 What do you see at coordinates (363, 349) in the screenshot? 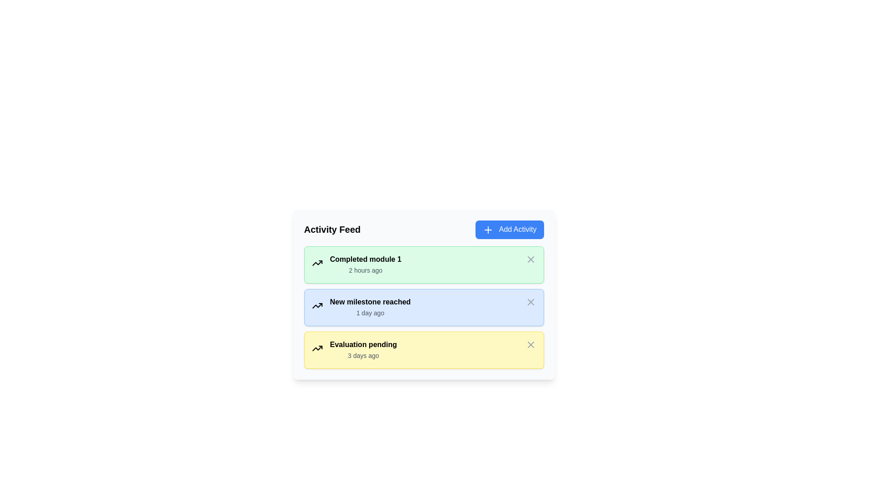
I see `the notification entry displaying 'Evaluation pending' with the timestamp '3 days ago' at the bottom of the 'Activity Feed' card` at bounding box center [363, 349].